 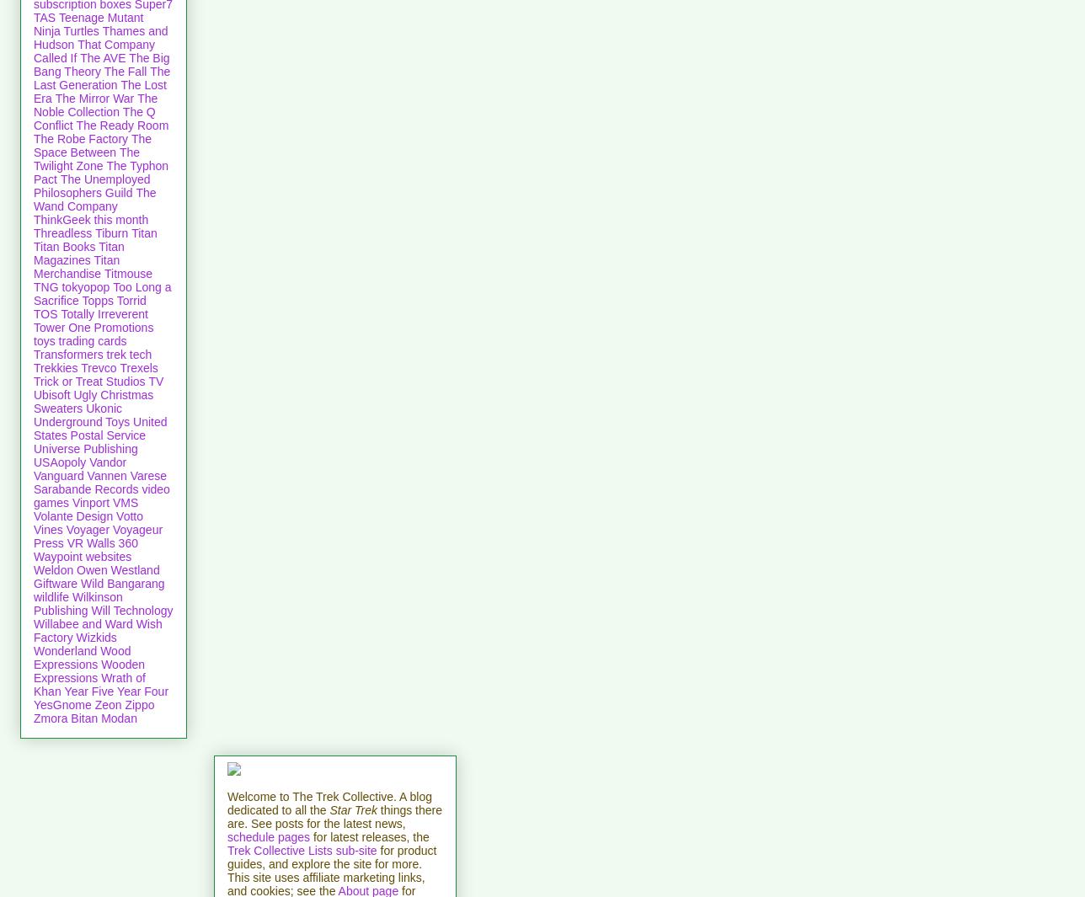 What do you see at coordinates (101, 170) in the screenshot?
I see `'The Typhon Pact'` at bounding box center [101, 170].